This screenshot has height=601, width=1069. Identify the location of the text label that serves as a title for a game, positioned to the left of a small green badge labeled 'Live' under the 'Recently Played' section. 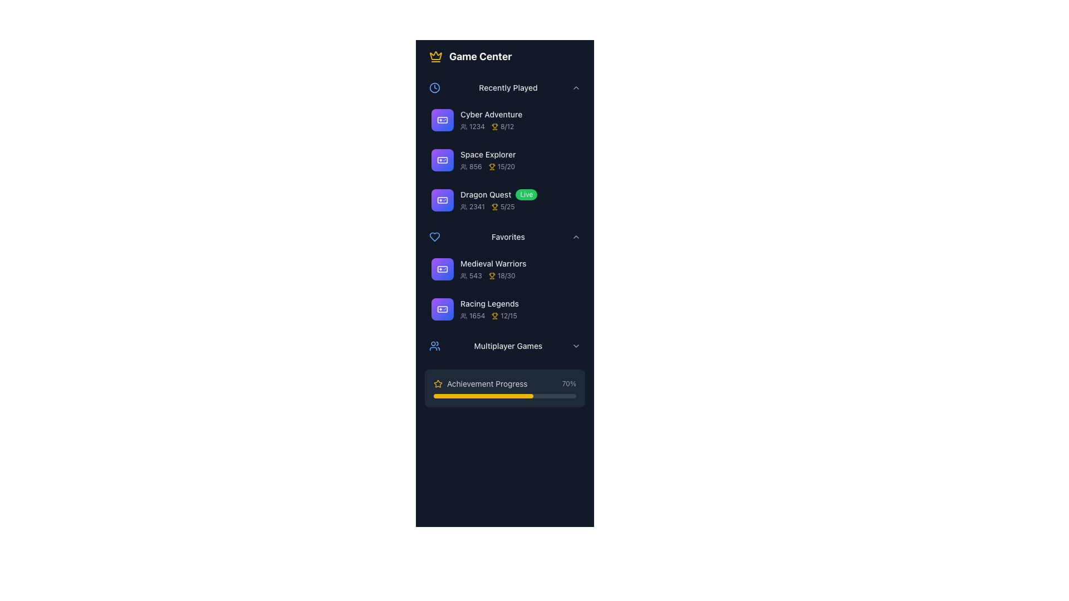
(486, 194).